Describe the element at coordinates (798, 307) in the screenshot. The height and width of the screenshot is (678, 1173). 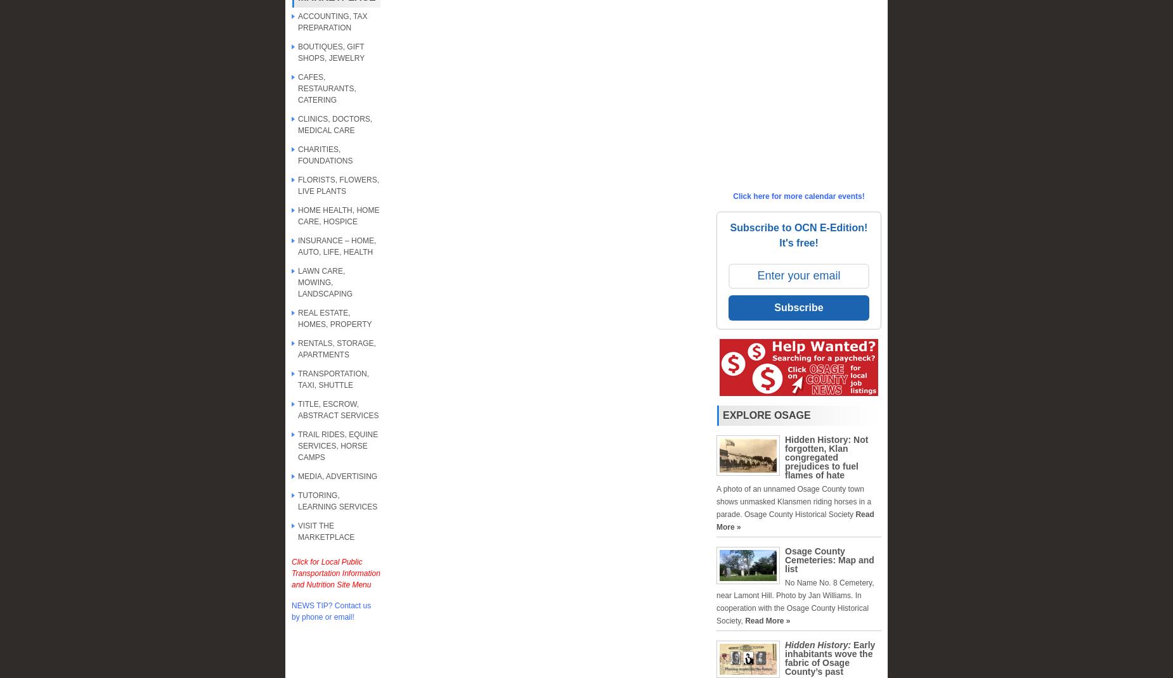
I see `'Subscribe'` at that location.